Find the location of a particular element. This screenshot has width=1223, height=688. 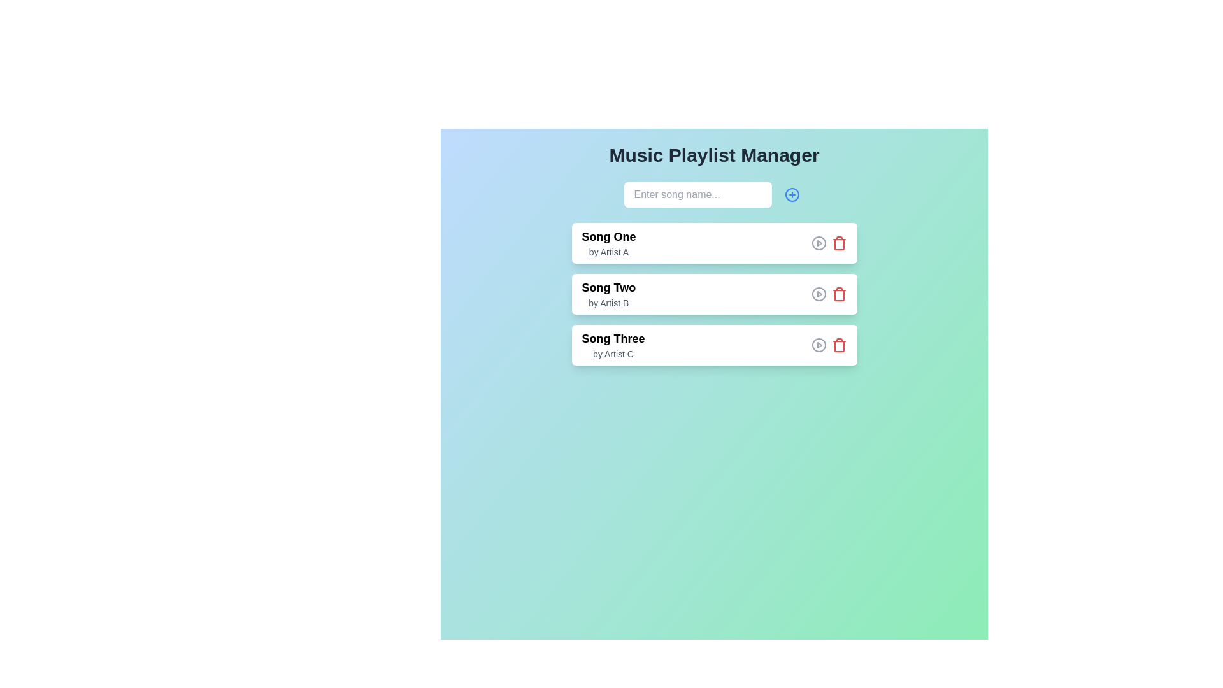

the trash bin icon, which is the second trash bin from the top is located at coordinates (839, 294).